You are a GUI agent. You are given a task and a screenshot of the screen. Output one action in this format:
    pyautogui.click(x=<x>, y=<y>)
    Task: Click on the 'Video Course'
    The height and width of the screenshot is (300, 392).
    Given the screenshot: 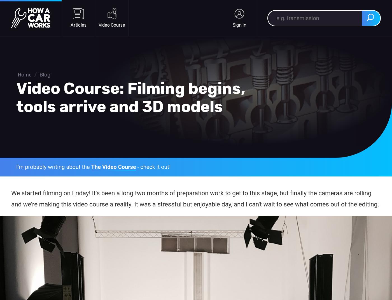 What is the action you would take?
    pyautogui.click(x=98, y=25)
    